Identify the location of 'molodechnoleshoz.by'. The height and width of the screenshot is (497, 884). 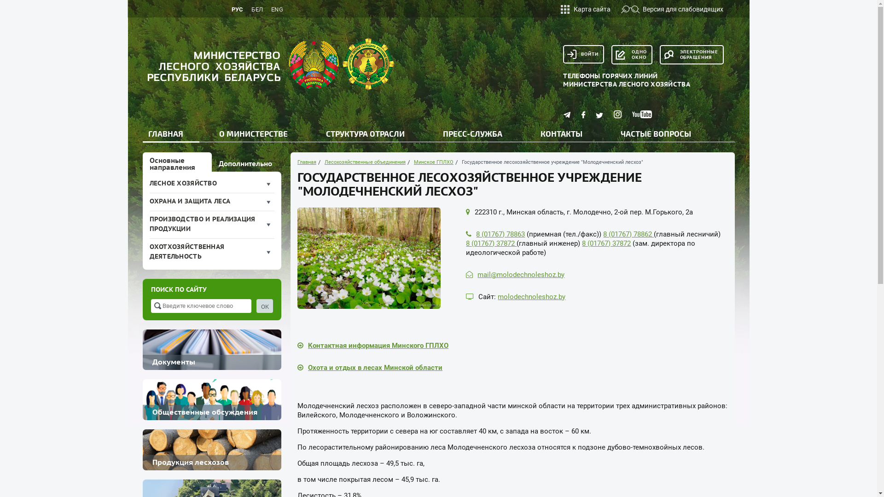
(531, 296).